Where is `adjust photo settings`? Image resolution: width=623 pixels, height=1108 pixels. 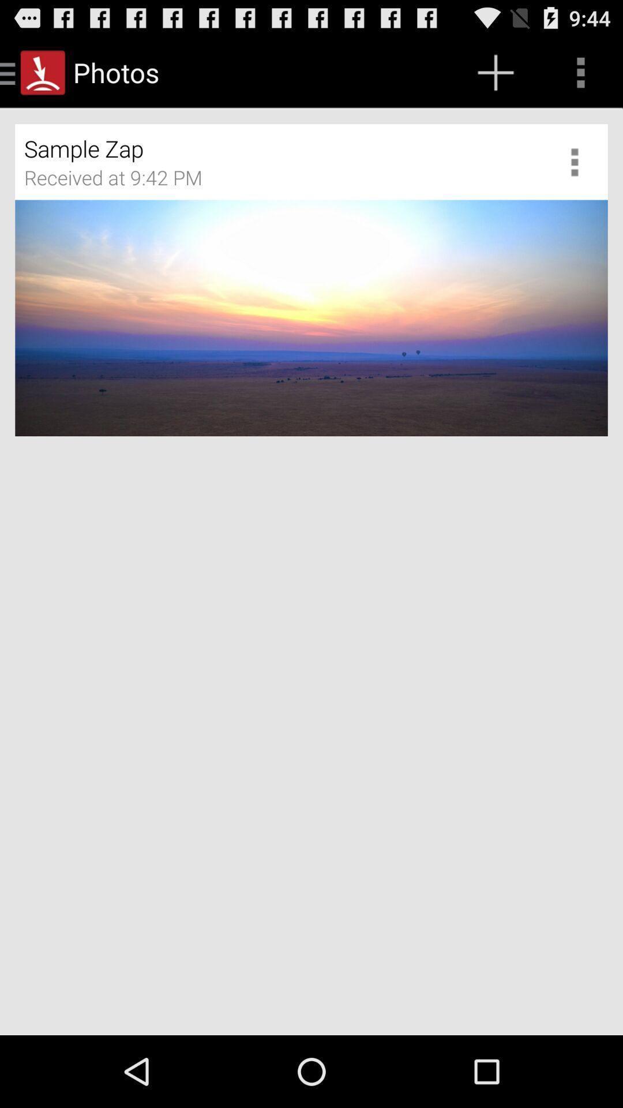 adjust photo settings is located at coordinates (579, 161).